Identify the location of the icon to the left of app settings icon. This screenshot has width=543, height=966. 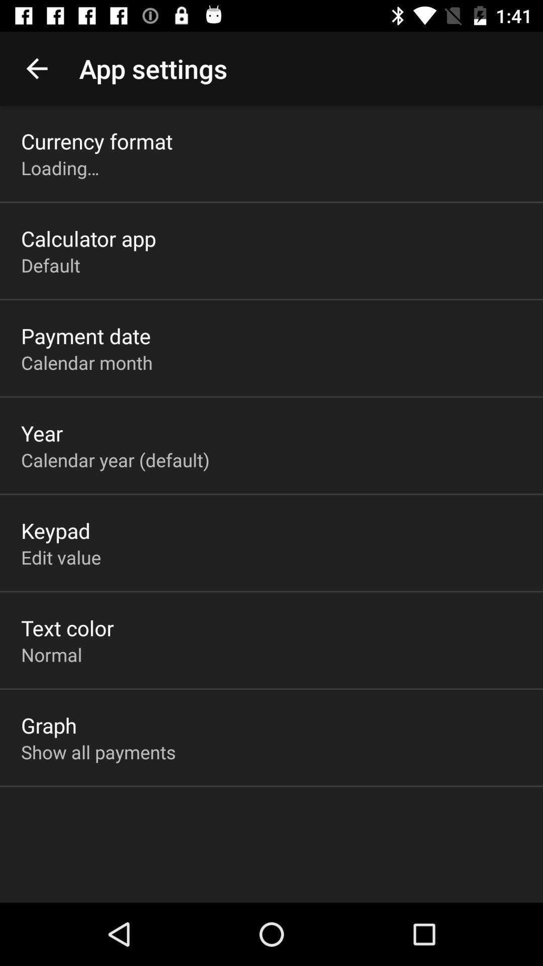
(36, 68).